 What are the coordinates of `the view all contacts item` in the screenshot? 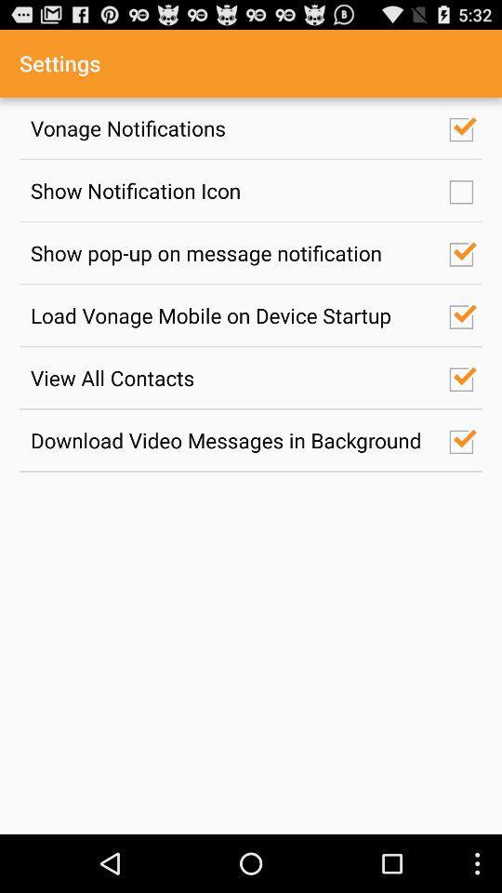 It's located at (230, 377).